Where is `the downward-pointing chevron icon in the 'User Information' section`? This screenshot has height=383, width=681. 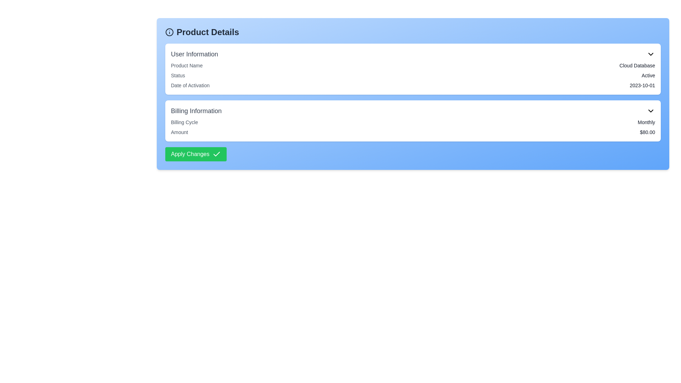 the downward-pointing chevron icon in the 'User Information' section is located at coordinates (650, 54).